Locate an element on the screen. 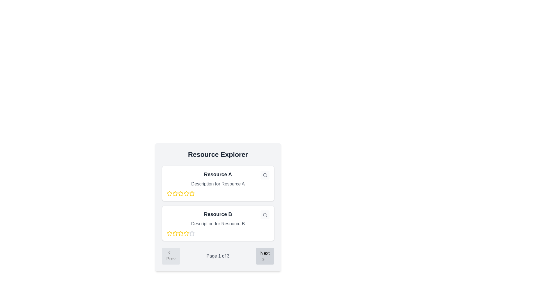 This screenshot has width=539, height=303. the first yellow star icon is located at coordinates (169, 193).